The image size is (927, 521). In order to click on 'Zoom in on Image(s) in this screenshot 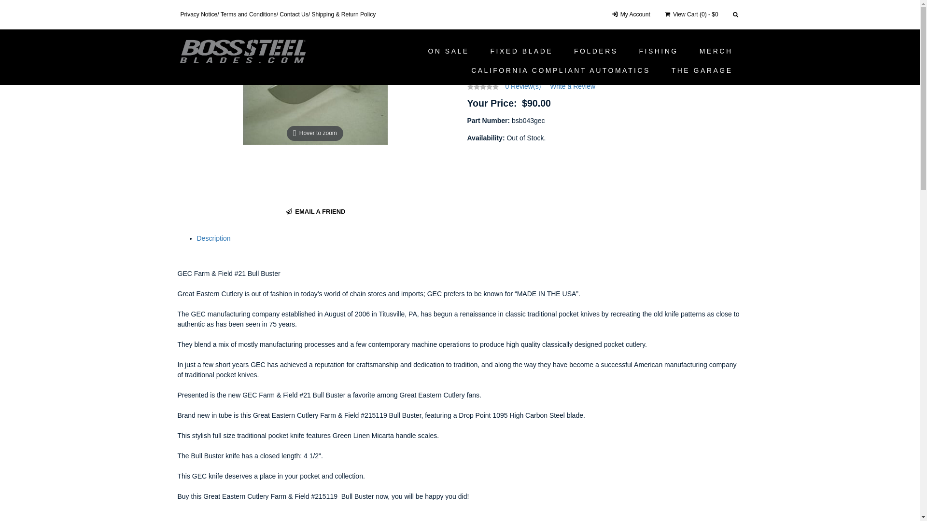, I will do `click(315, 89)`.